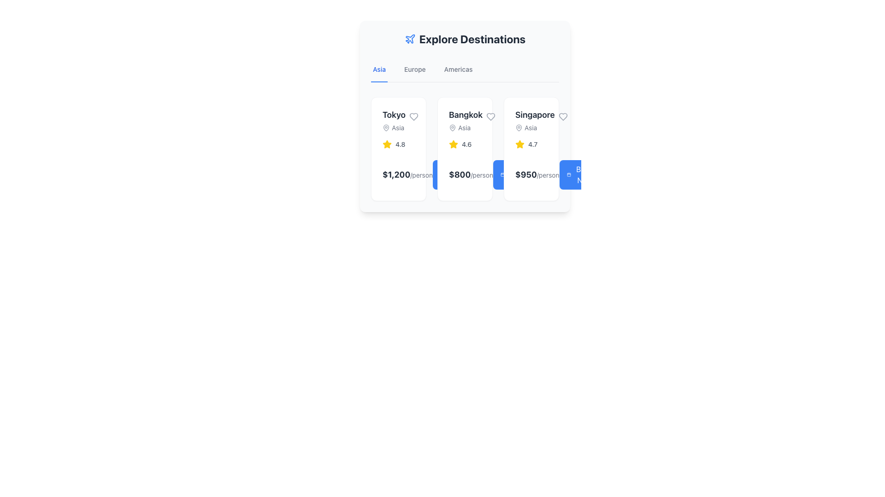 The height and width of the screenshot is (497, 885). Describe the element at coordinates (453, 144) in the screenshot. I see `the yellow star icon representing a rating in the 'Bangkok' card, which is located to the immediate left of the gray numeric rating '4.6'` at that location.